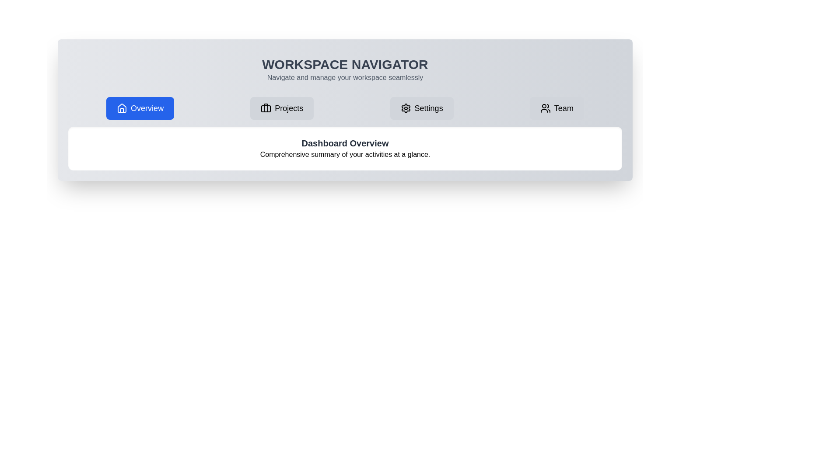 The width and height of the screenshot is (840, 472). What do you see at coordinates (344, 148) in the screenshot?
I see `the 'Dashboard Overview' element, which consists of a bold title and descriptive text, located below the 'WORKSPACE NAVIGATOR' header` at bounding box center [344, 148].